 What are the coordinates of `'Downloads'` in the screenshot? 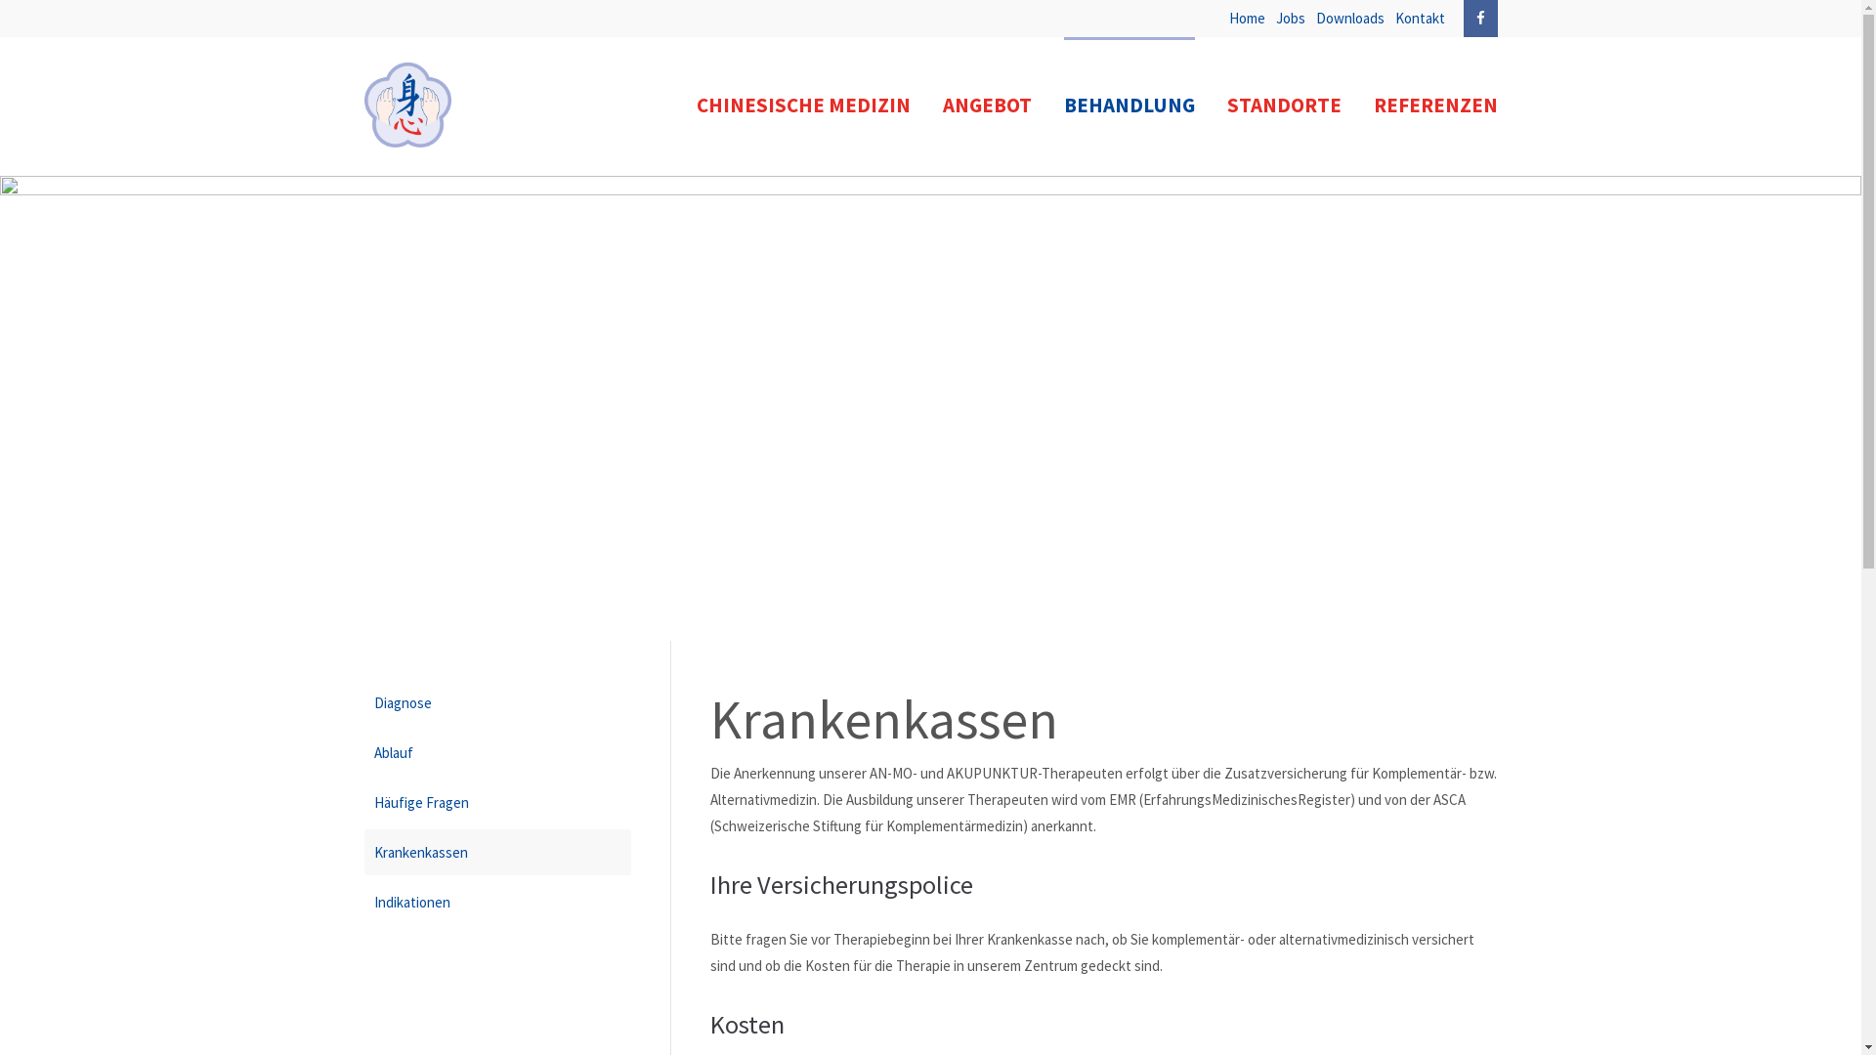 It's located at (1349, 18).